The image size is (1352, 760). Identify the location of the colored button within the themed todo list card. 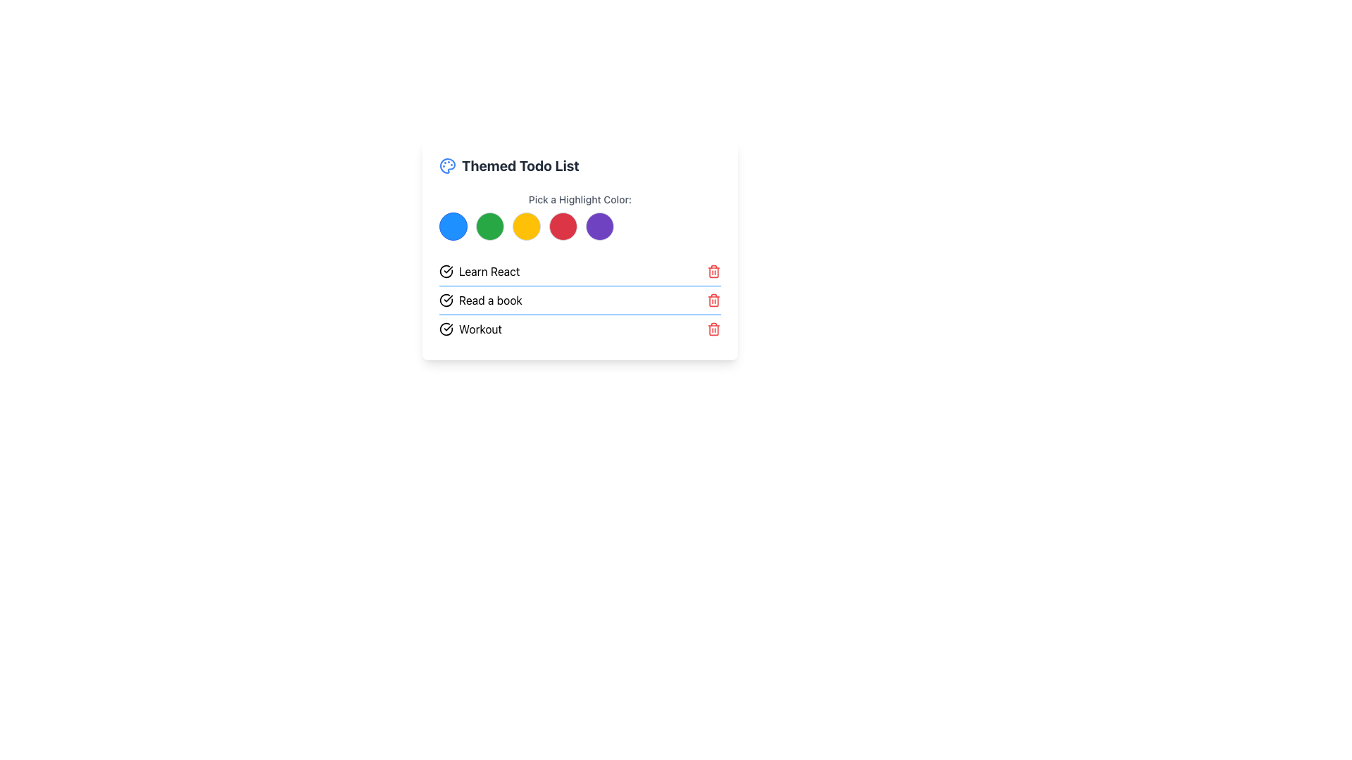
(580, 248).